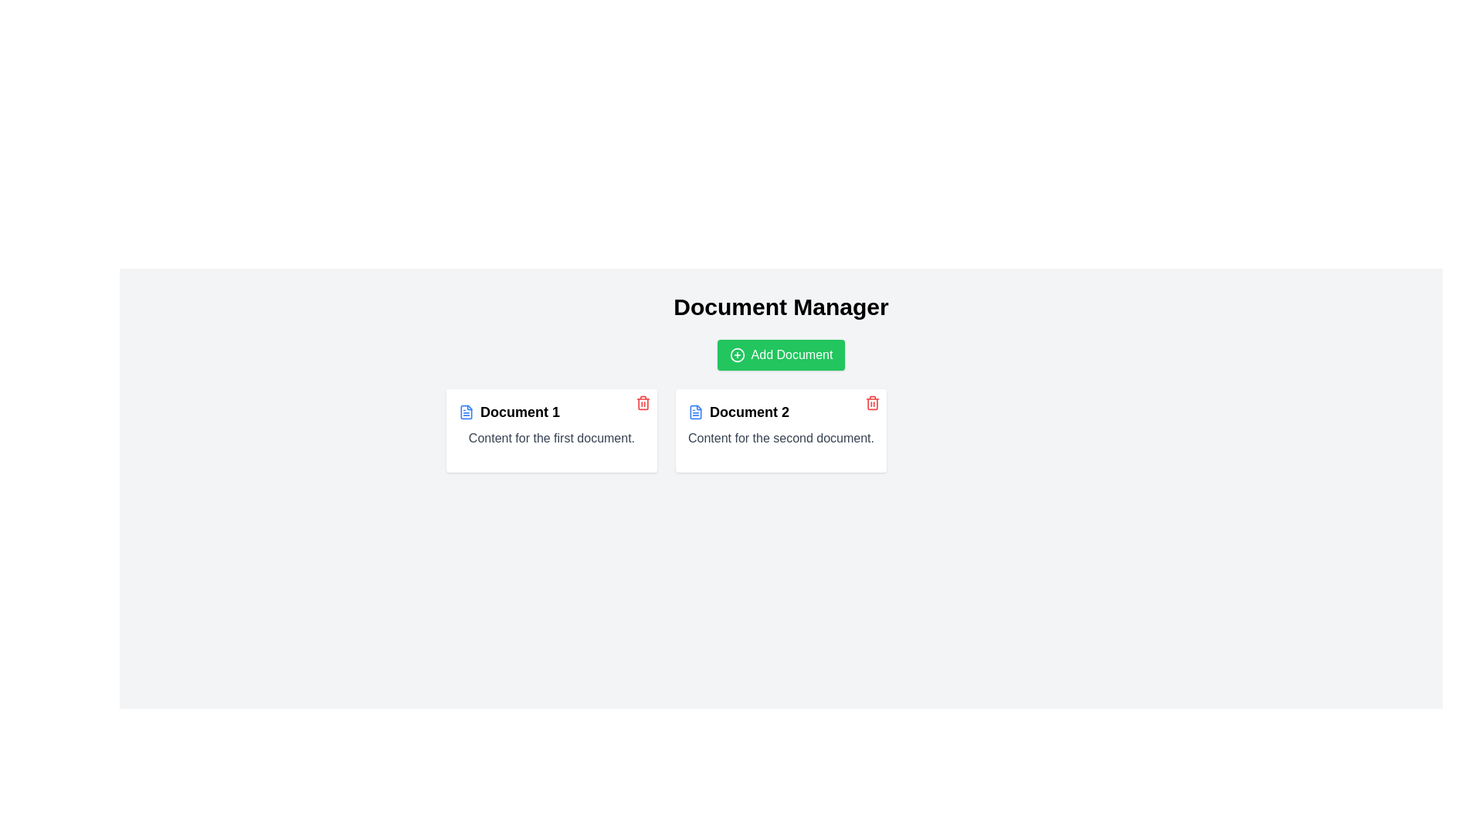  What do you see at coordinates (781, 411) in the screenshot?
I see `the Text label with an accompanying icon that serves as the title for the document within the right white card labeled 'Document 2' in the Document Manager interface` at bounding box center [781, 411].